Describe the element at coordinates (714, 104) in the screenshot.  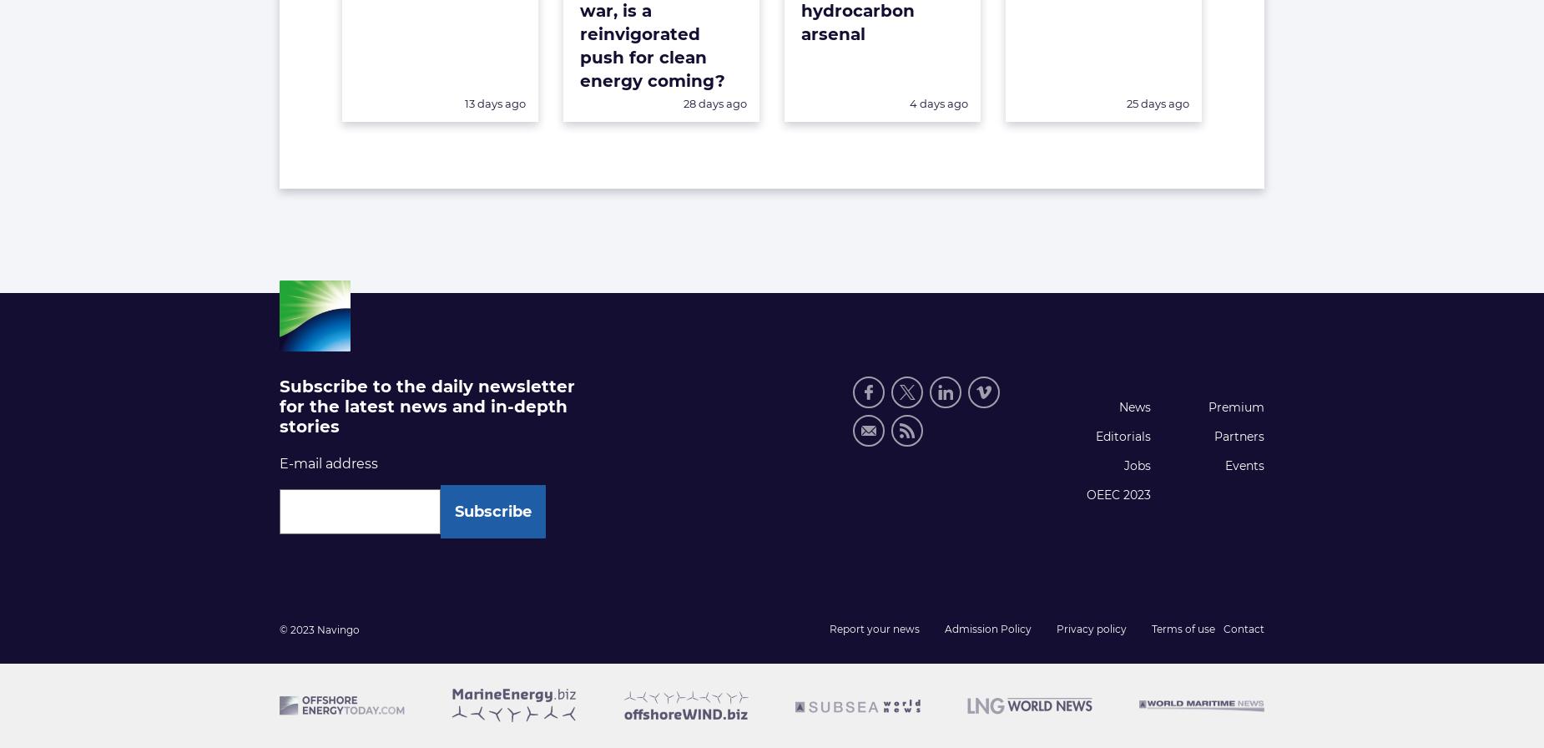
I see `'28 days ago'` at that location.